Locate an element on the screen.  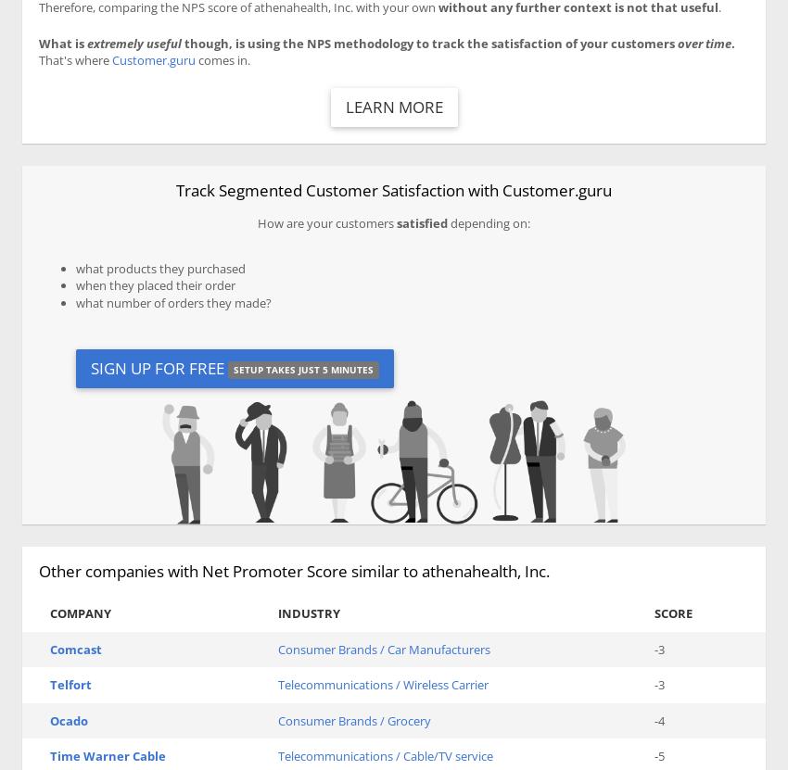
'Telecommunications / Wireless Carrier' is located at coordinates (382, 685).